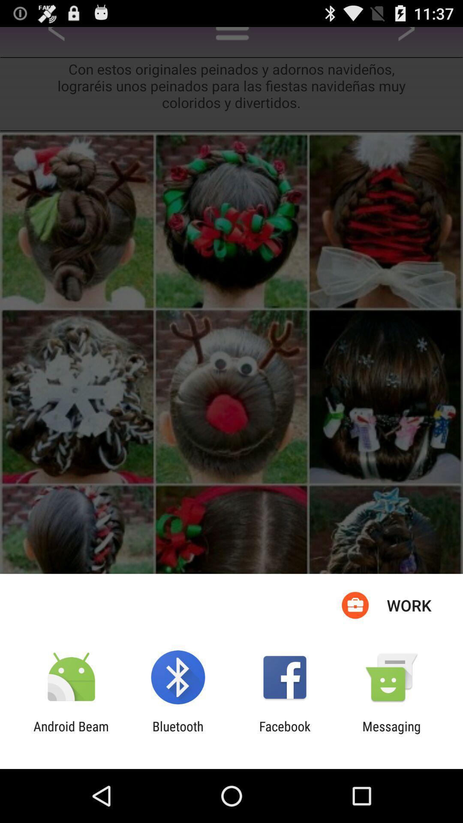 The image size is (463, 823). Describe the element at coordinates (391, 733) in the screenshot. I see `the messaging app` at that location.